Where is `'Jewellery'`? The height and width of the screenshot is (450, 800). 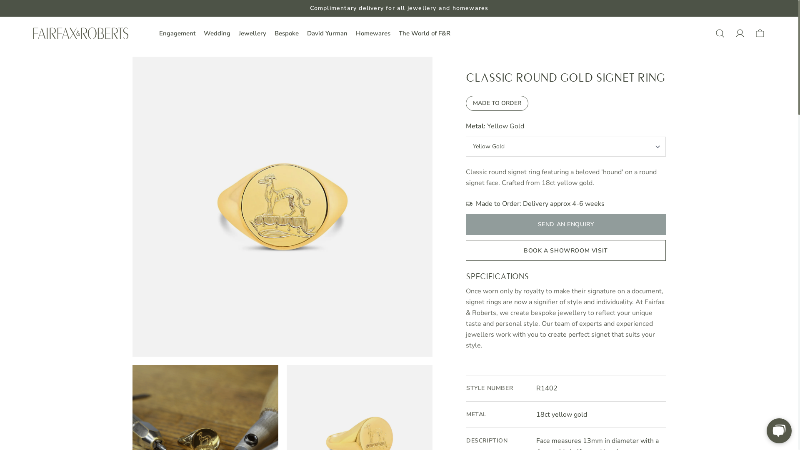
'Jewellery' is located at coordinates (252, 33).